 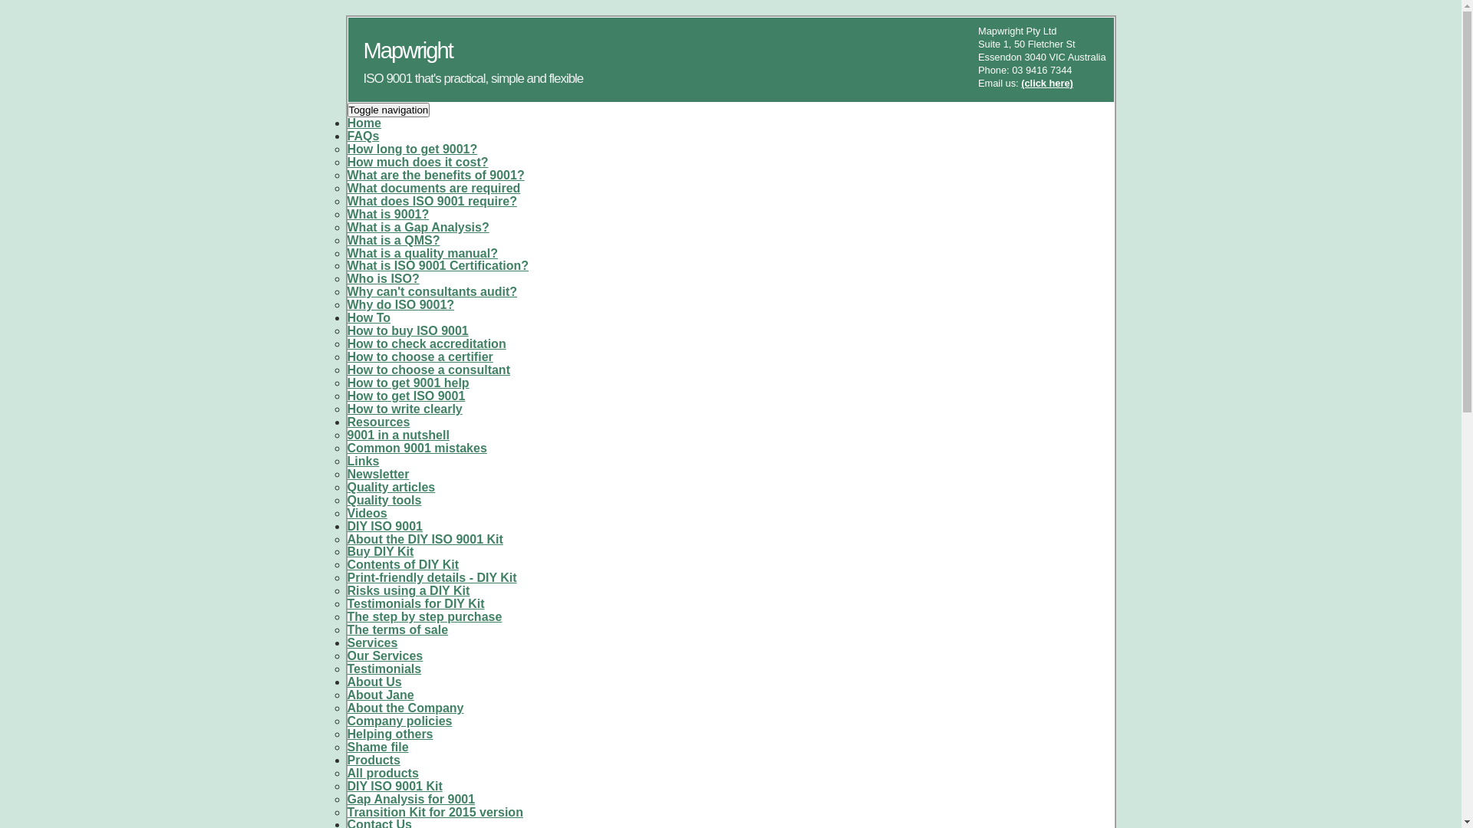 I want to click on 'Transition Kit for 2015 version', so click(x=433, y=811).